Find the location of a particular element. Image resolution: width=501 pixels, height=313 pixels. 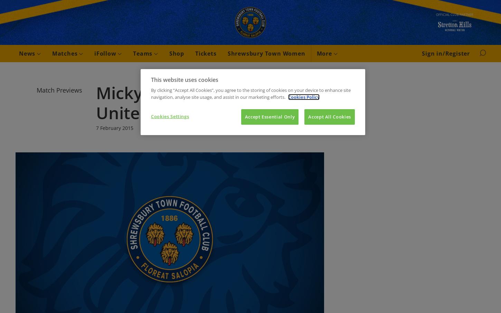

'Tickets' is located at coordinates (195, 54).